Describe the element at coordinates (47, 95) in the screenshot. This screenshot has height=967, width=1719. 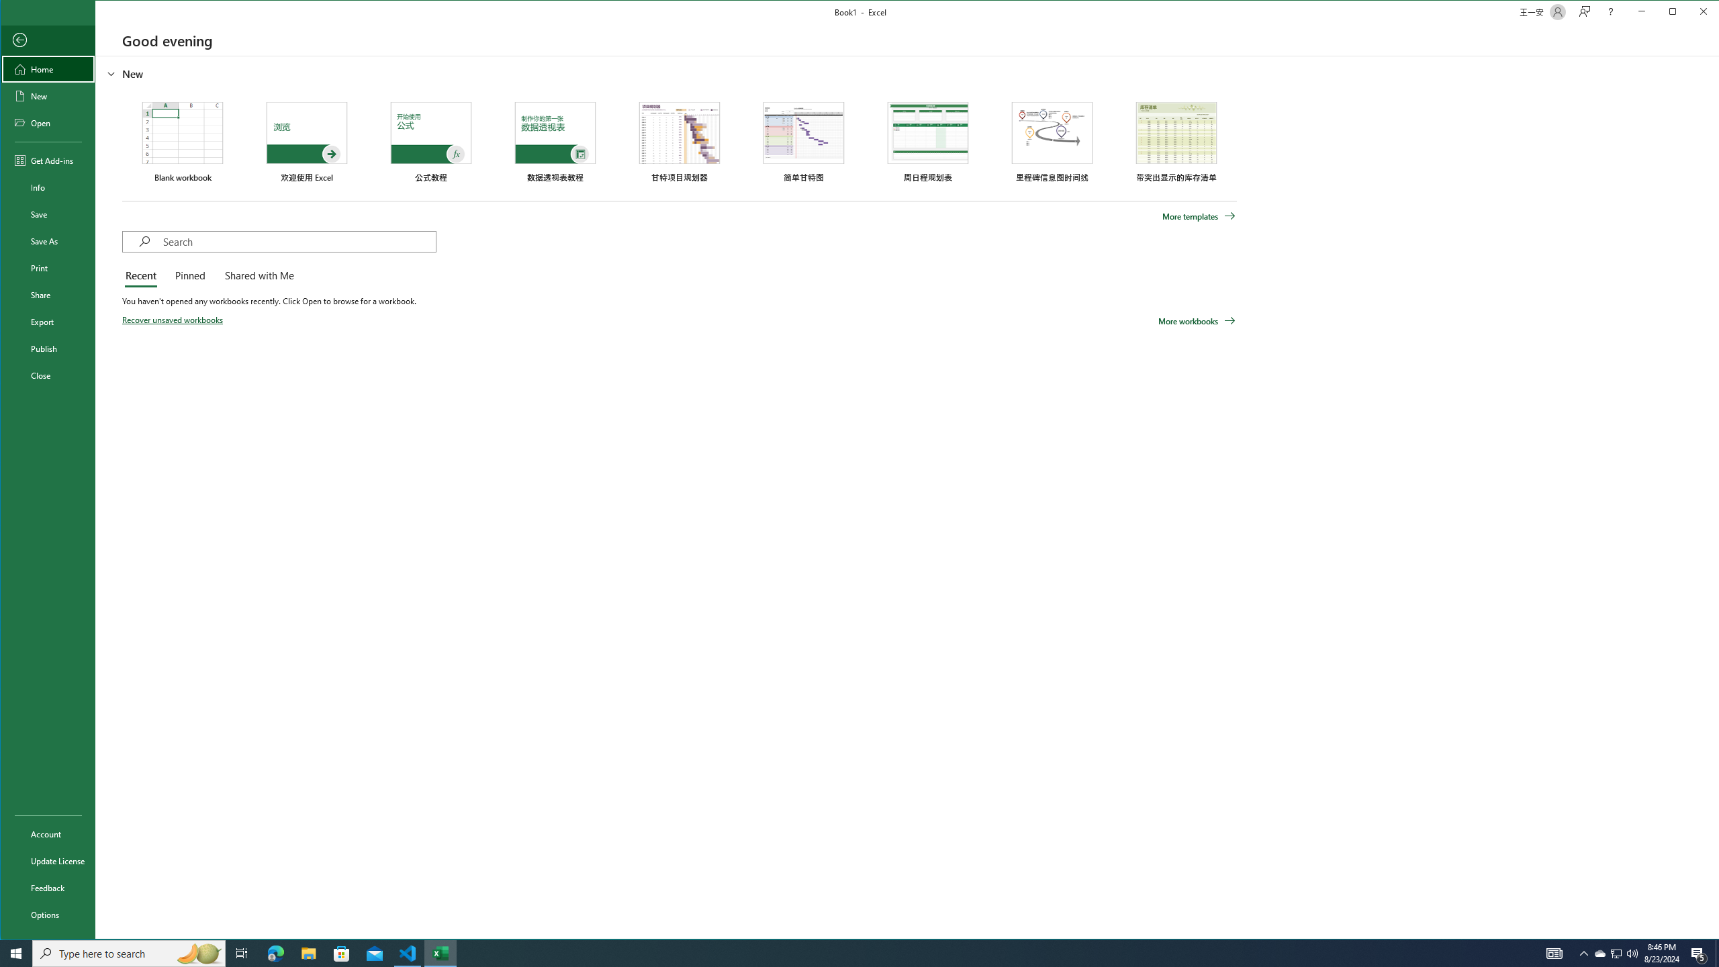
I see `'New'` at that location.